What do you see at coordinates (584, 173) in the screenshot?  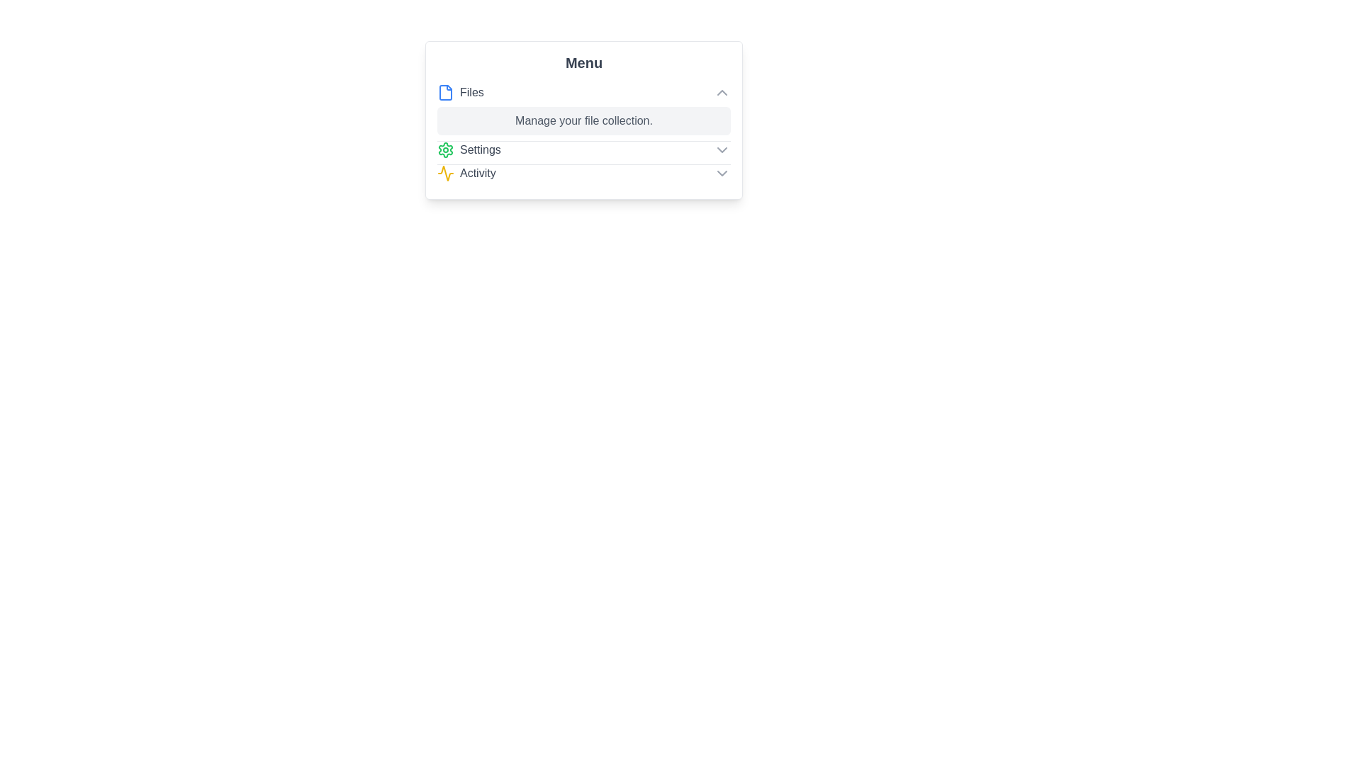 I see `the menu item Activity` at bounding box center [584, 173].